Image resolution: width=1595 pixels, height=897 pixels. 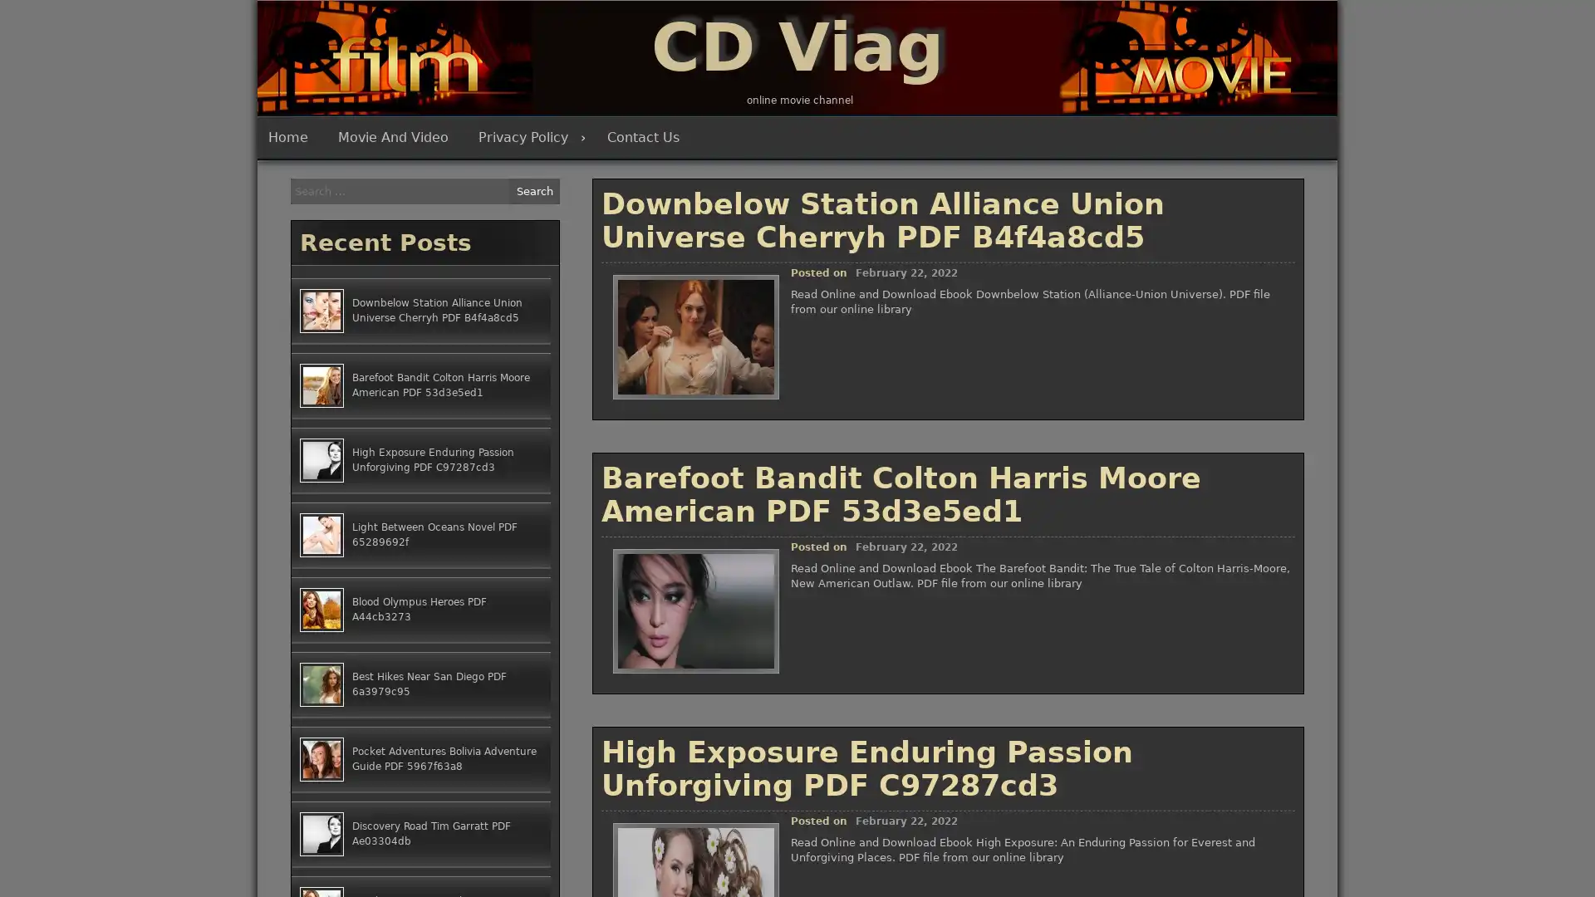 I want to click on Search, so click(x=534, y=190).